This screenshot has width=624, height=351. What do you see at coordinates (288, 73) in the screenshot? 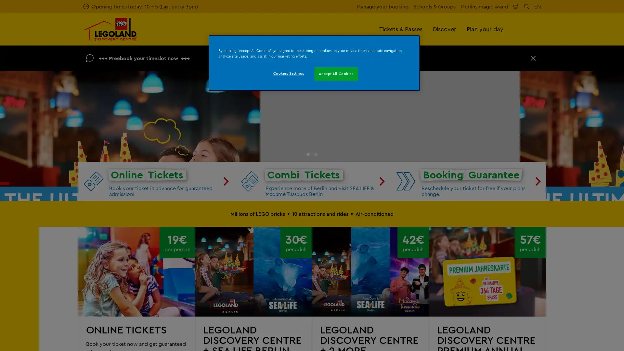
I see `Cookies Settings` at bounding box center [288, 73].